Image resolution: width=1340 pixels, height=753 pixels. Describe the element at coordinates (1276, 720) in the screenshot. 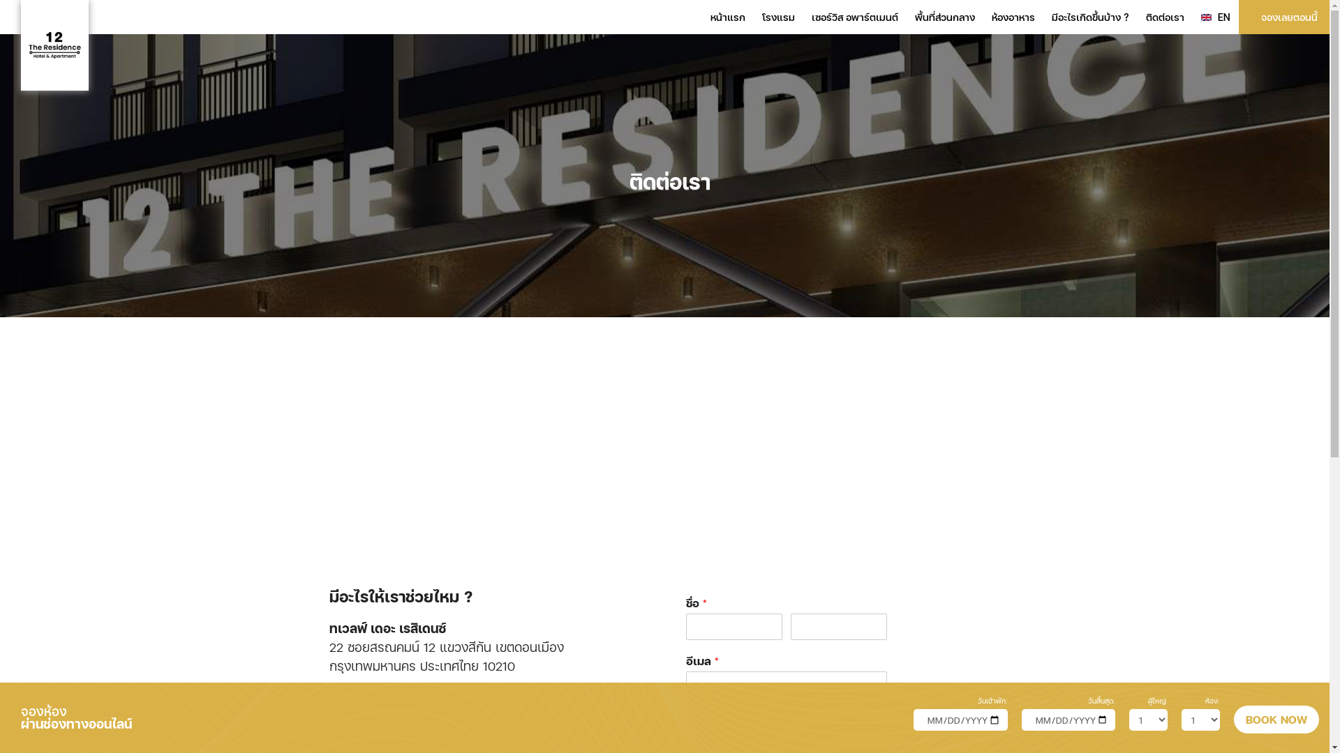

I see `'Book Now'` at that location.